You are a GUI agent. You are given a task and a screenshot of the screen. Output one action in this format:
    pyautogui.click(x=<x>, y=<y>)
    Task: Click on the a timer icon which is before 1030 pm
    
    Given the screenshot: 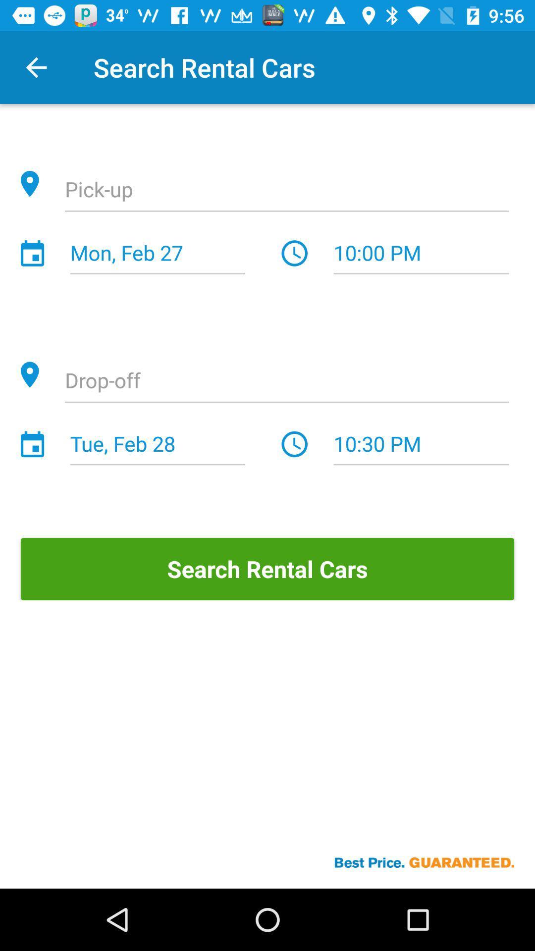 What is the action you would take?
    pyautogui.click(x=294, y=444)
    